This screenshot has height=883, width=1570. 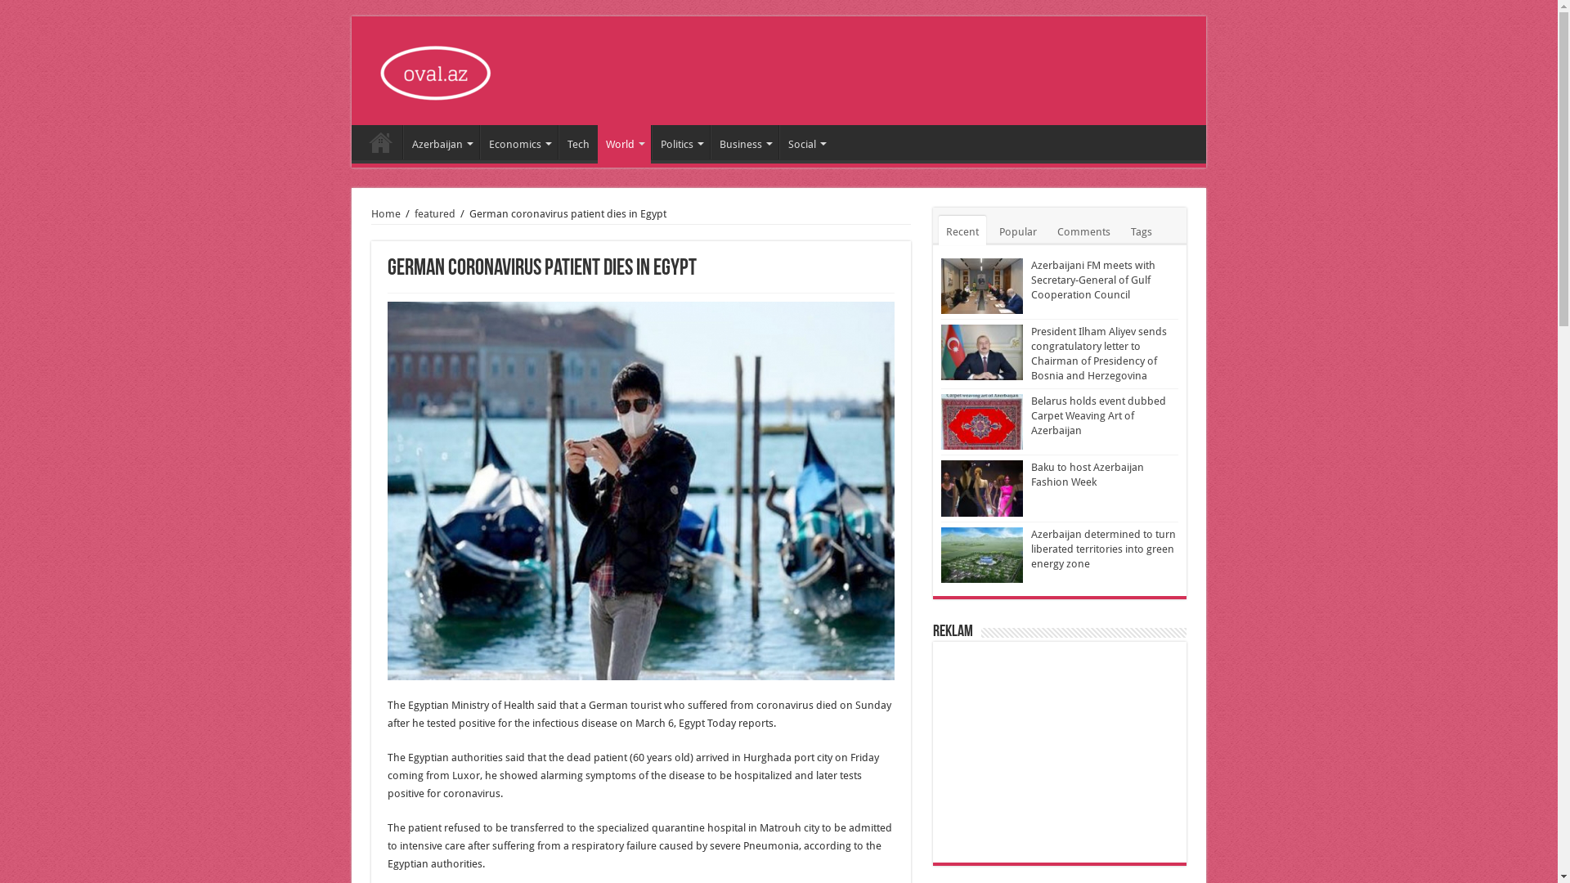 I want to click on 'Azerbaijan', so click(x=441, y=141).